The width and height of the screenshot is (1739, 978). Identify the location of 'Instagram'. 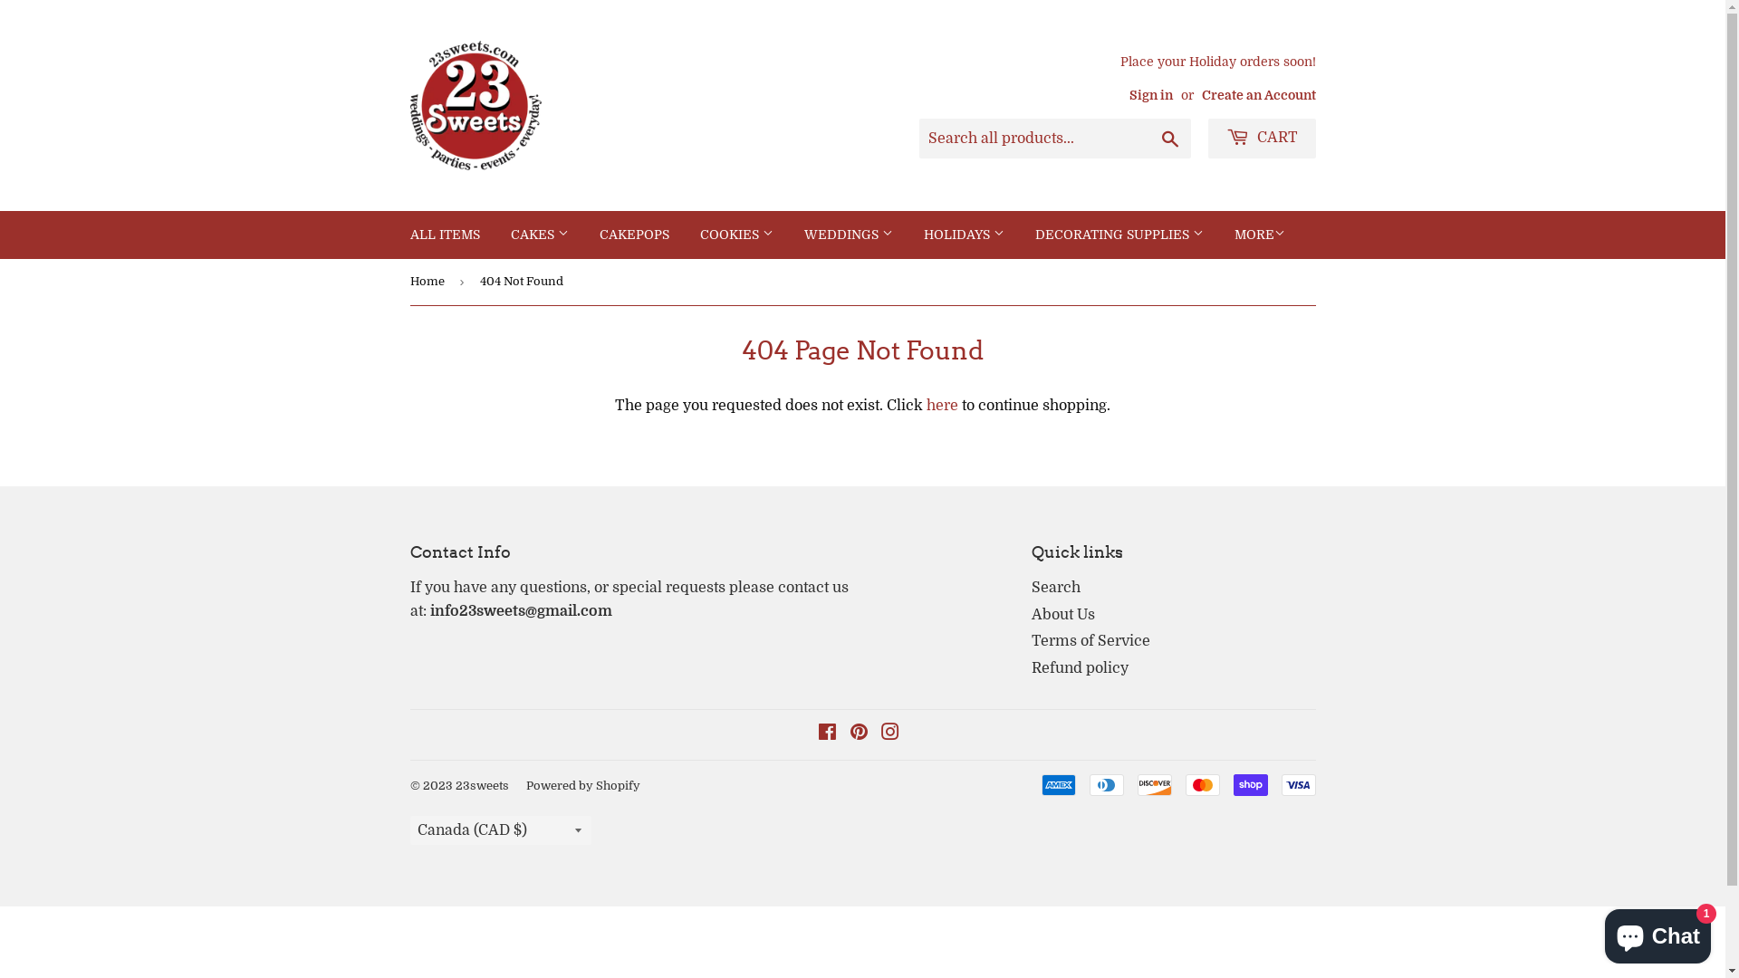
(889, 733).